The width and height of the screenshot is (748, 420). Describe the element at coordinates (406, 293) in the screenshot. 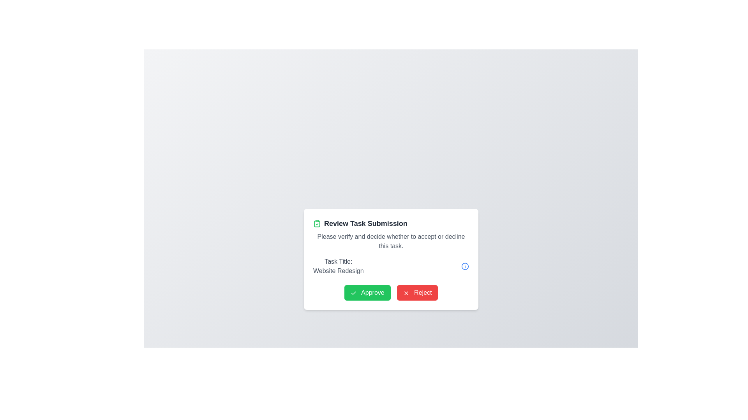

I see `the graphical icon (SVG) representing a rejection action, which is located to the left of the 'Reject' text in a red button at the bottom-right of a centered modal` at that location.